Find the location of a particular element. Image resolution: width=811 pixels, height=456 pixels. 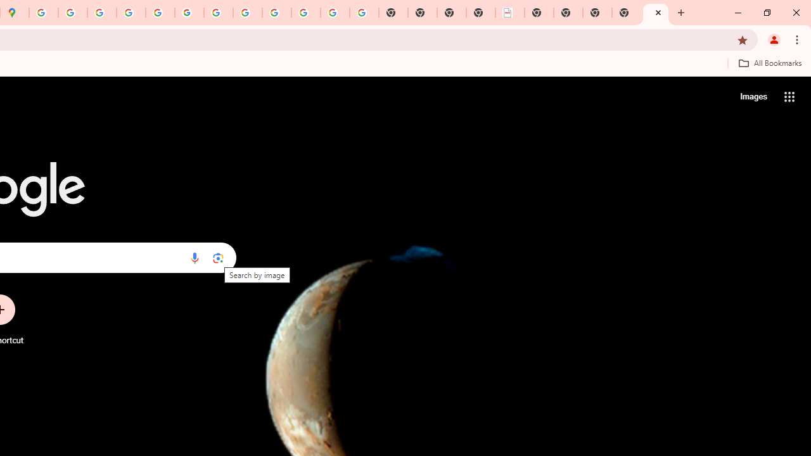

'Search by image' is located at coordinates (218, 257).